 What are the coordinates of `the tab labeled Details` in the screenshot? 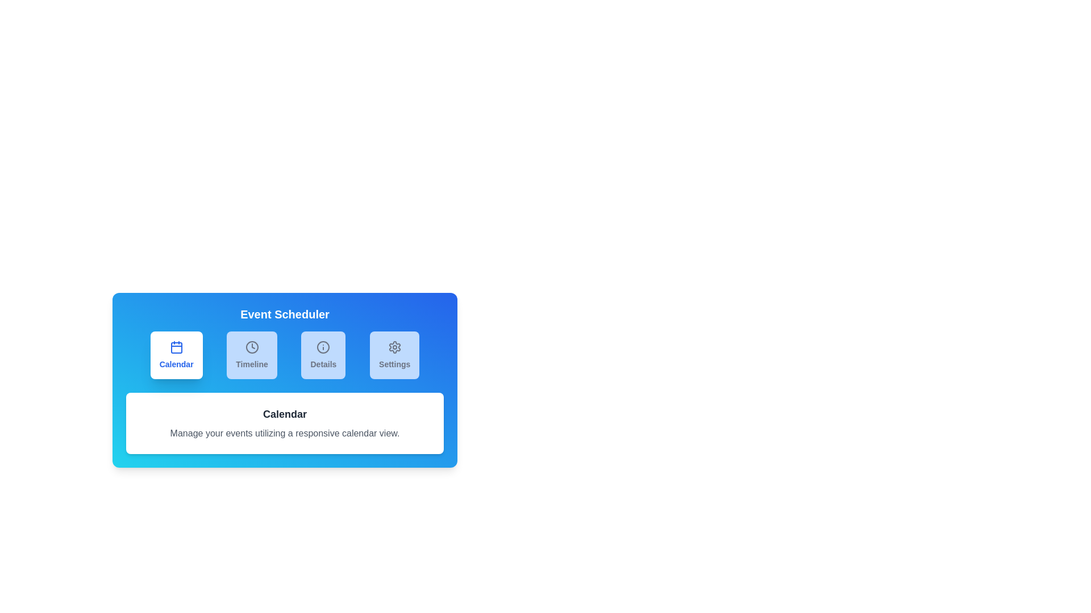 It's located at (323, 354).